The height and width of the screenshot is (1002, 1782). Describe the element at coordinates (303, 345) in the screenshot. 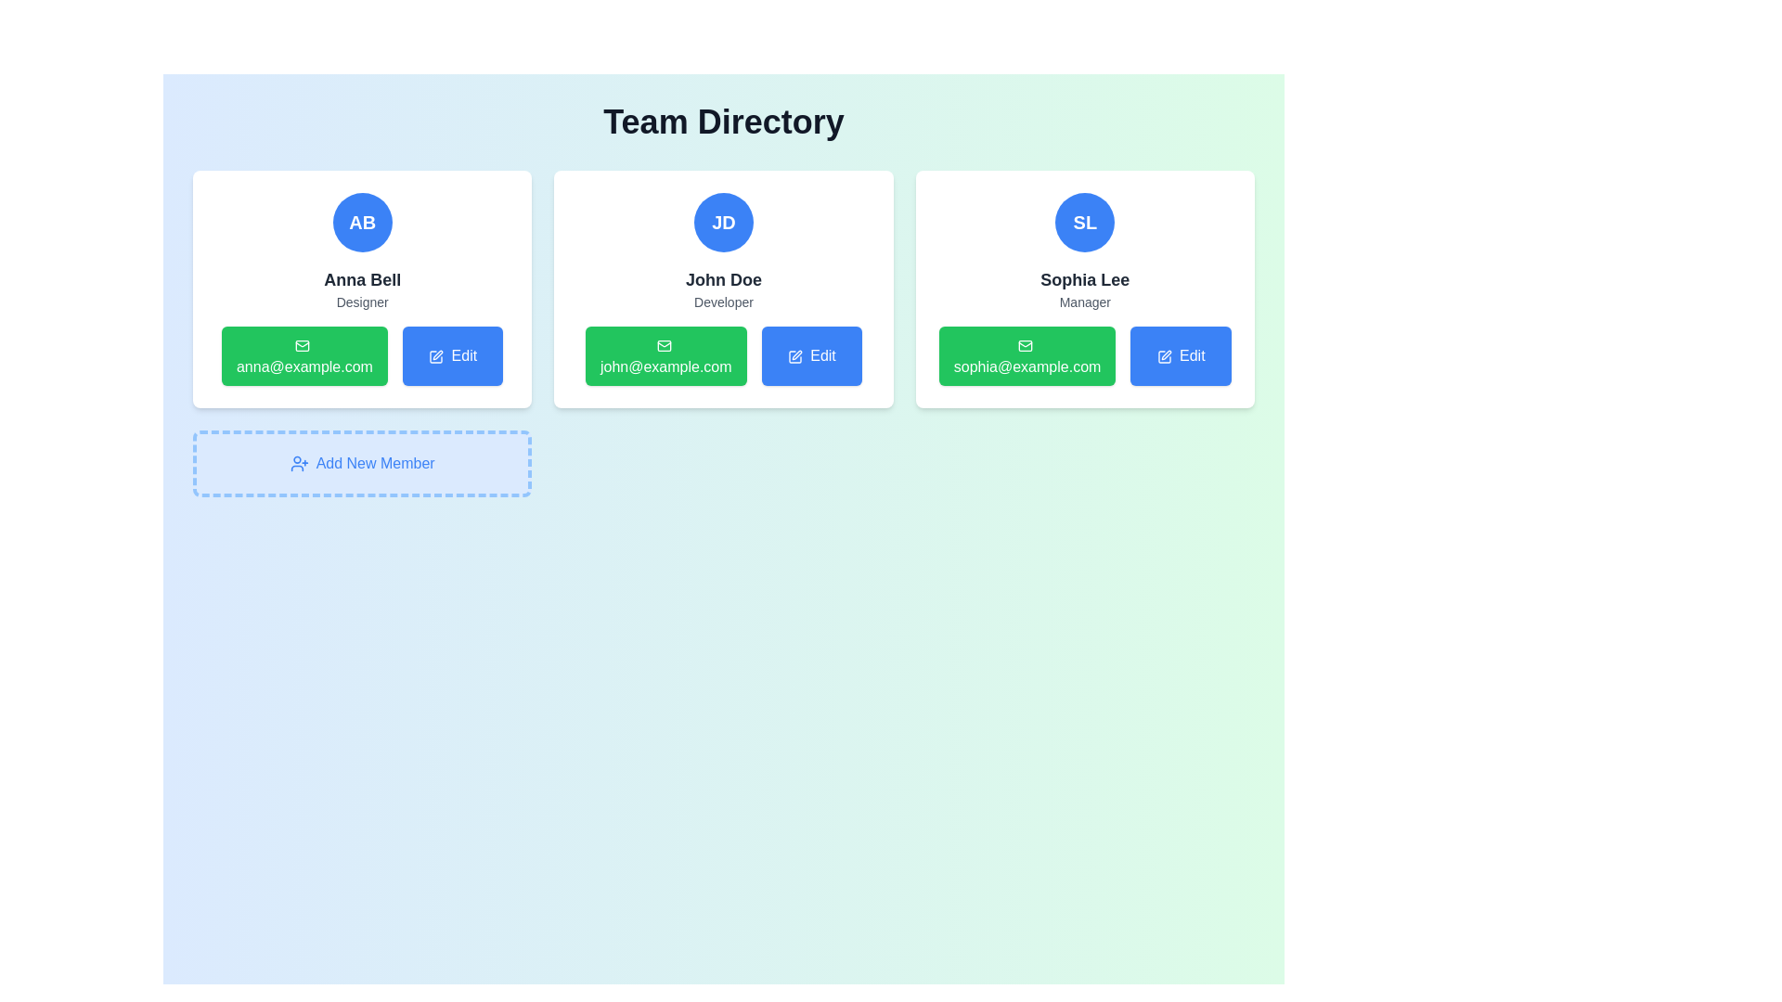

I see `the mail envelope icon, which is styled with a green background and located to the left of the email address 'anna@example.com' in the user card for 'Anna Bell'` at that location.